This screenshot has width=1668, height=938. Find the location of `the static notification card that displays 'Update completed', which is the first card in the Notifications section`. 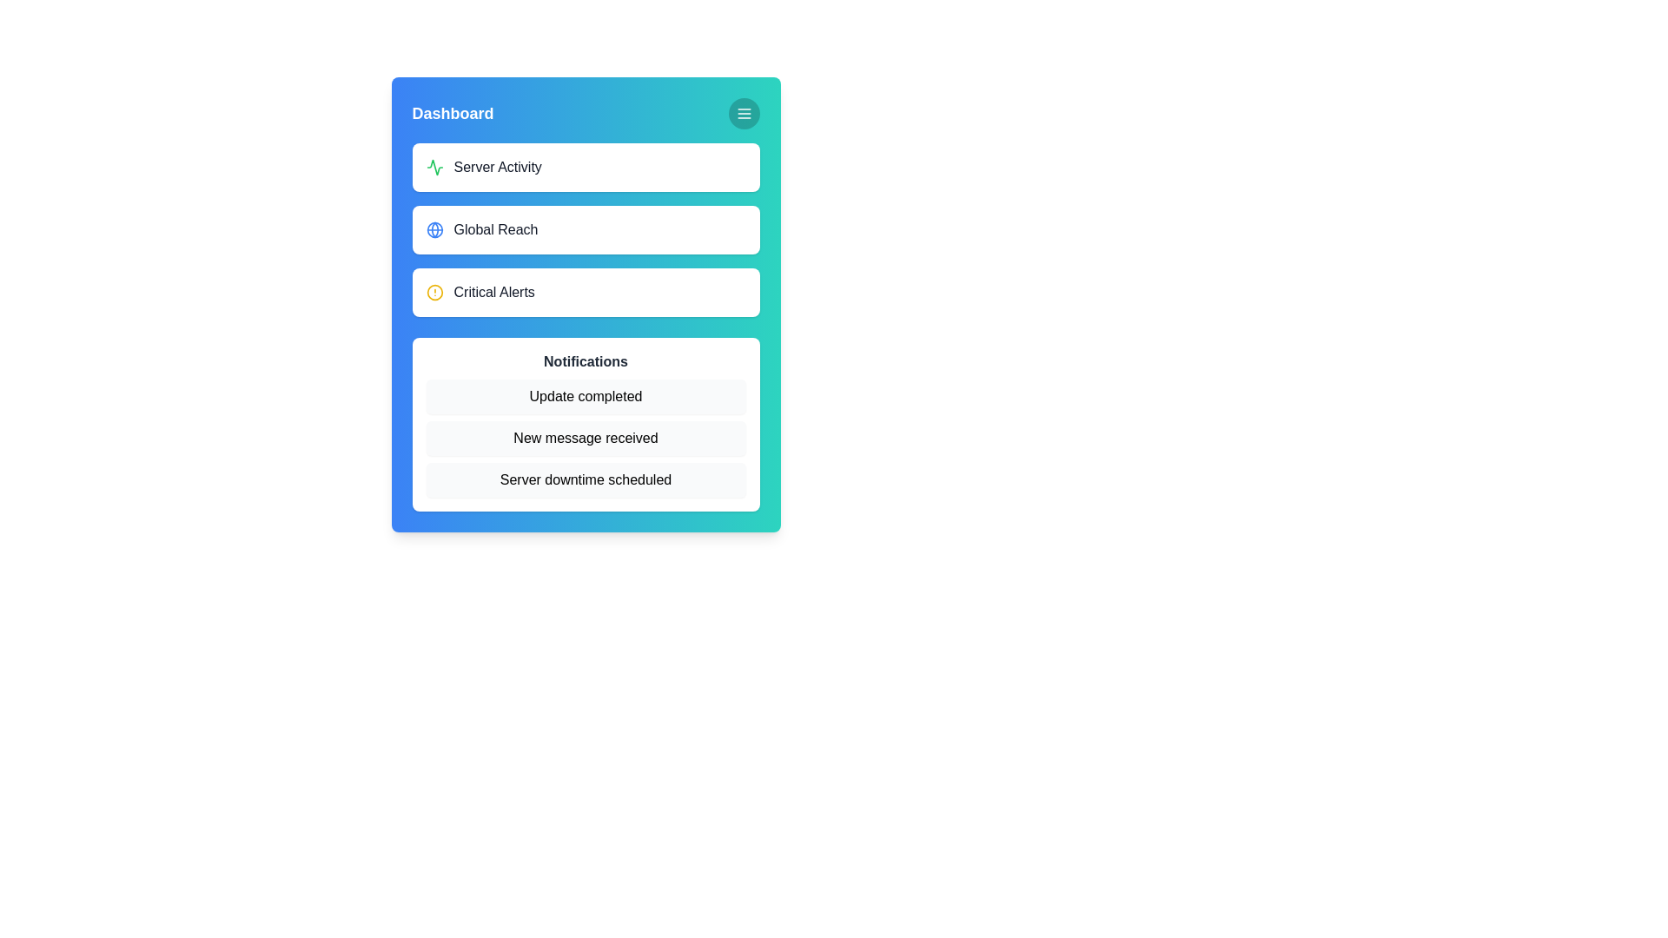

the static notification card that displays 'Update completed', which is the first card in the Notifications section is located at coordinates (586, 396).